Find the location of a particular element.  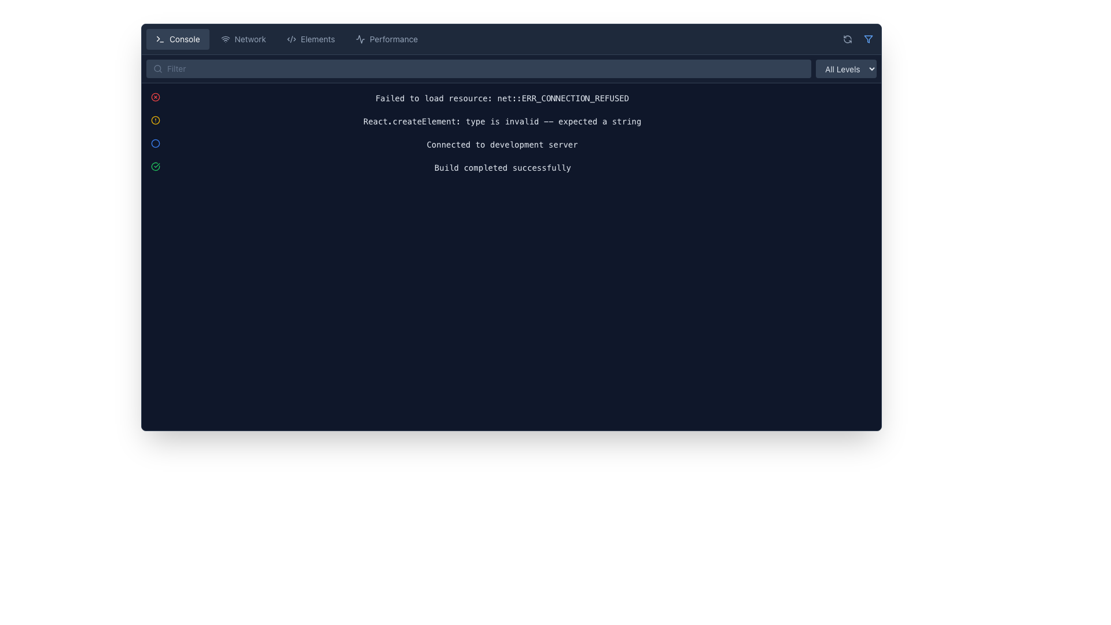

the 'Performance' button in the navigation bar is located at coordinates (386, 39).